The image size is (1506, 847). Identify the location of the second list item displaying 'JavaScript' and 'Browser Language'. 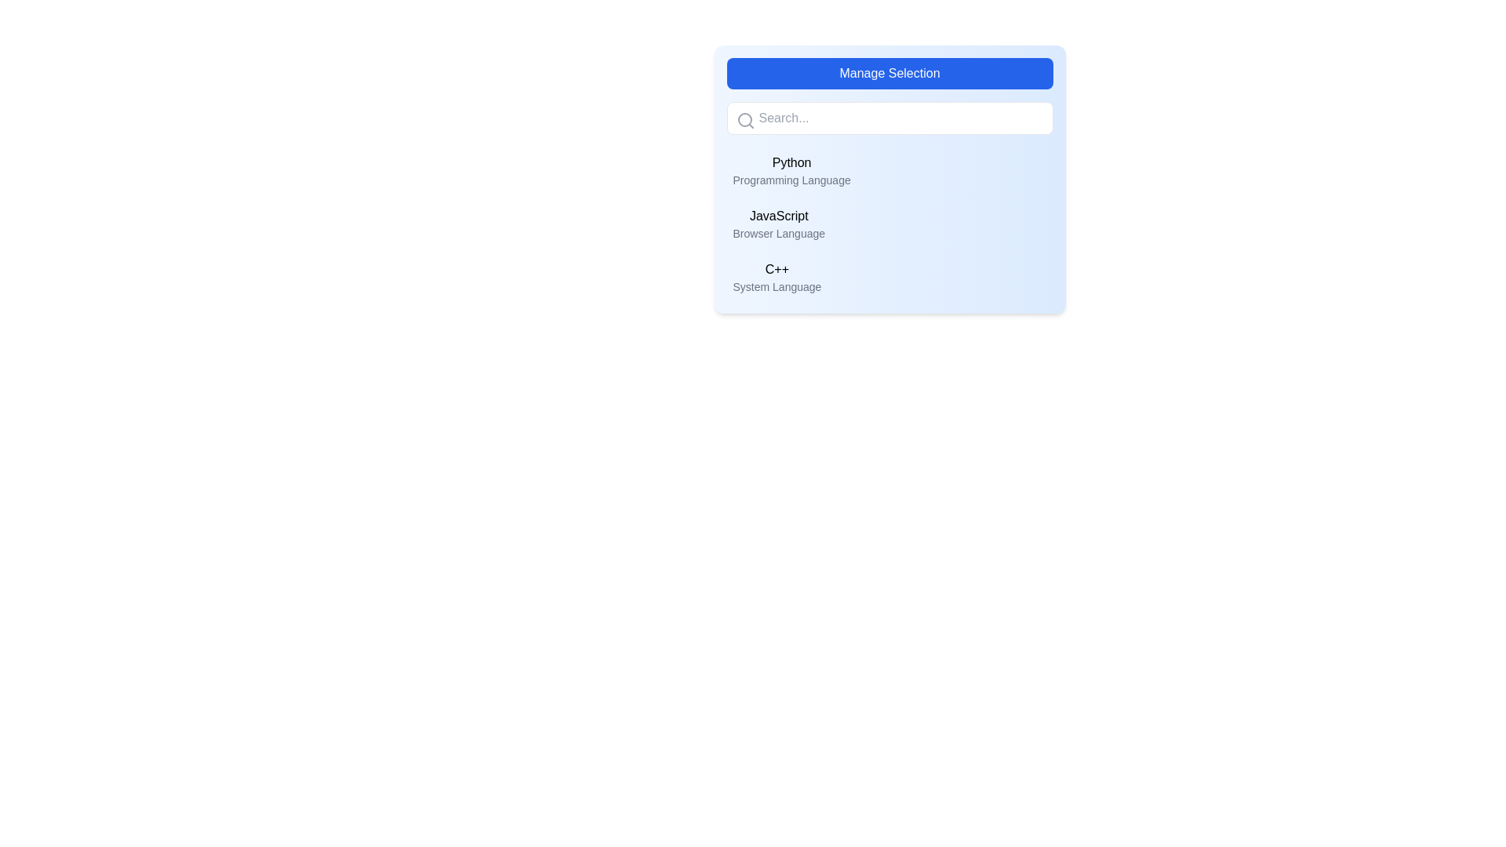
(889, 224).